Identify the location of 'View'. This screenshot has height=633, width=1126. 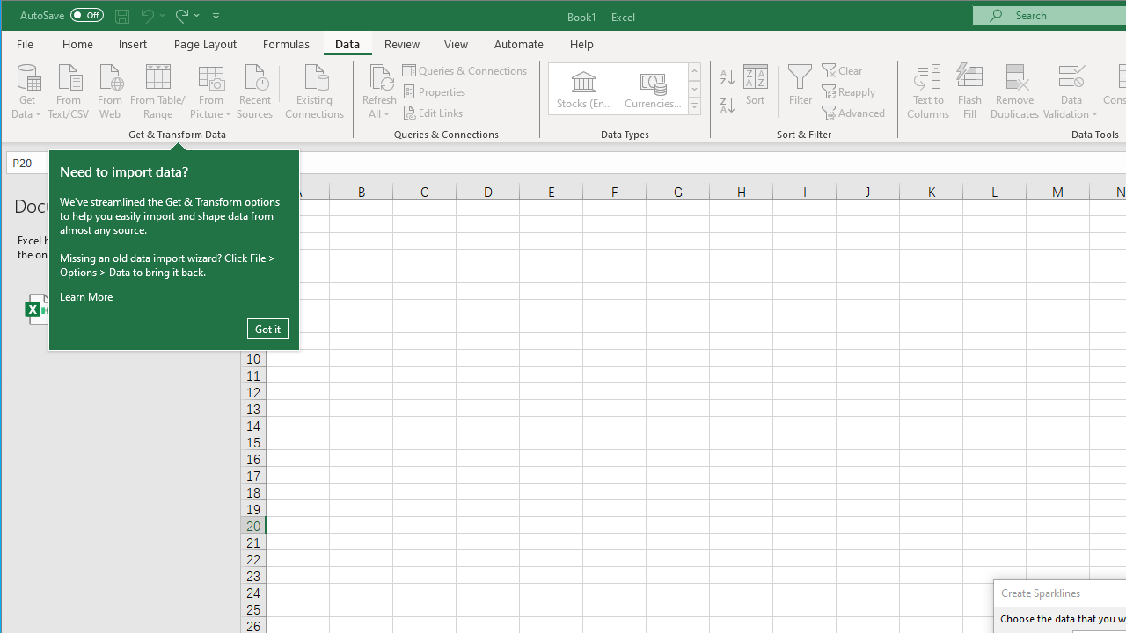
(457, 43).